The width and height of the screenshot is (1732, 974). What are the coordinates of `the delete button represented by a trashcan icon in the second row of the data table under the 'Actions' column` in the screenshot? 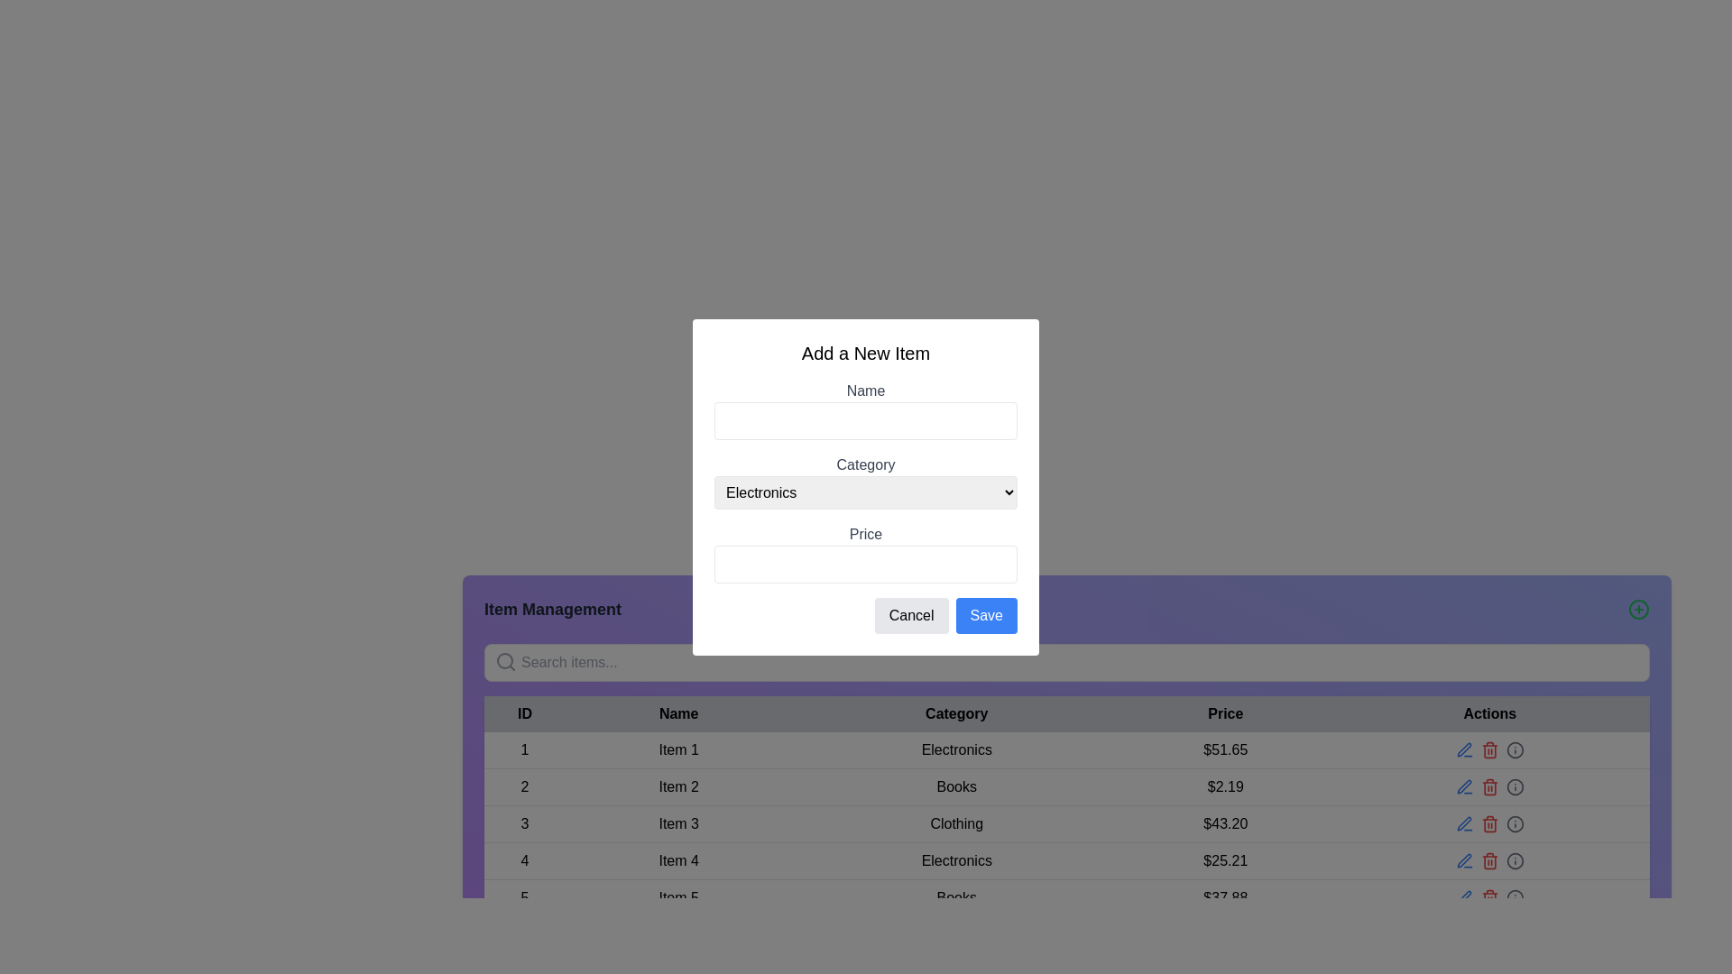 It's located at (1489, 787).